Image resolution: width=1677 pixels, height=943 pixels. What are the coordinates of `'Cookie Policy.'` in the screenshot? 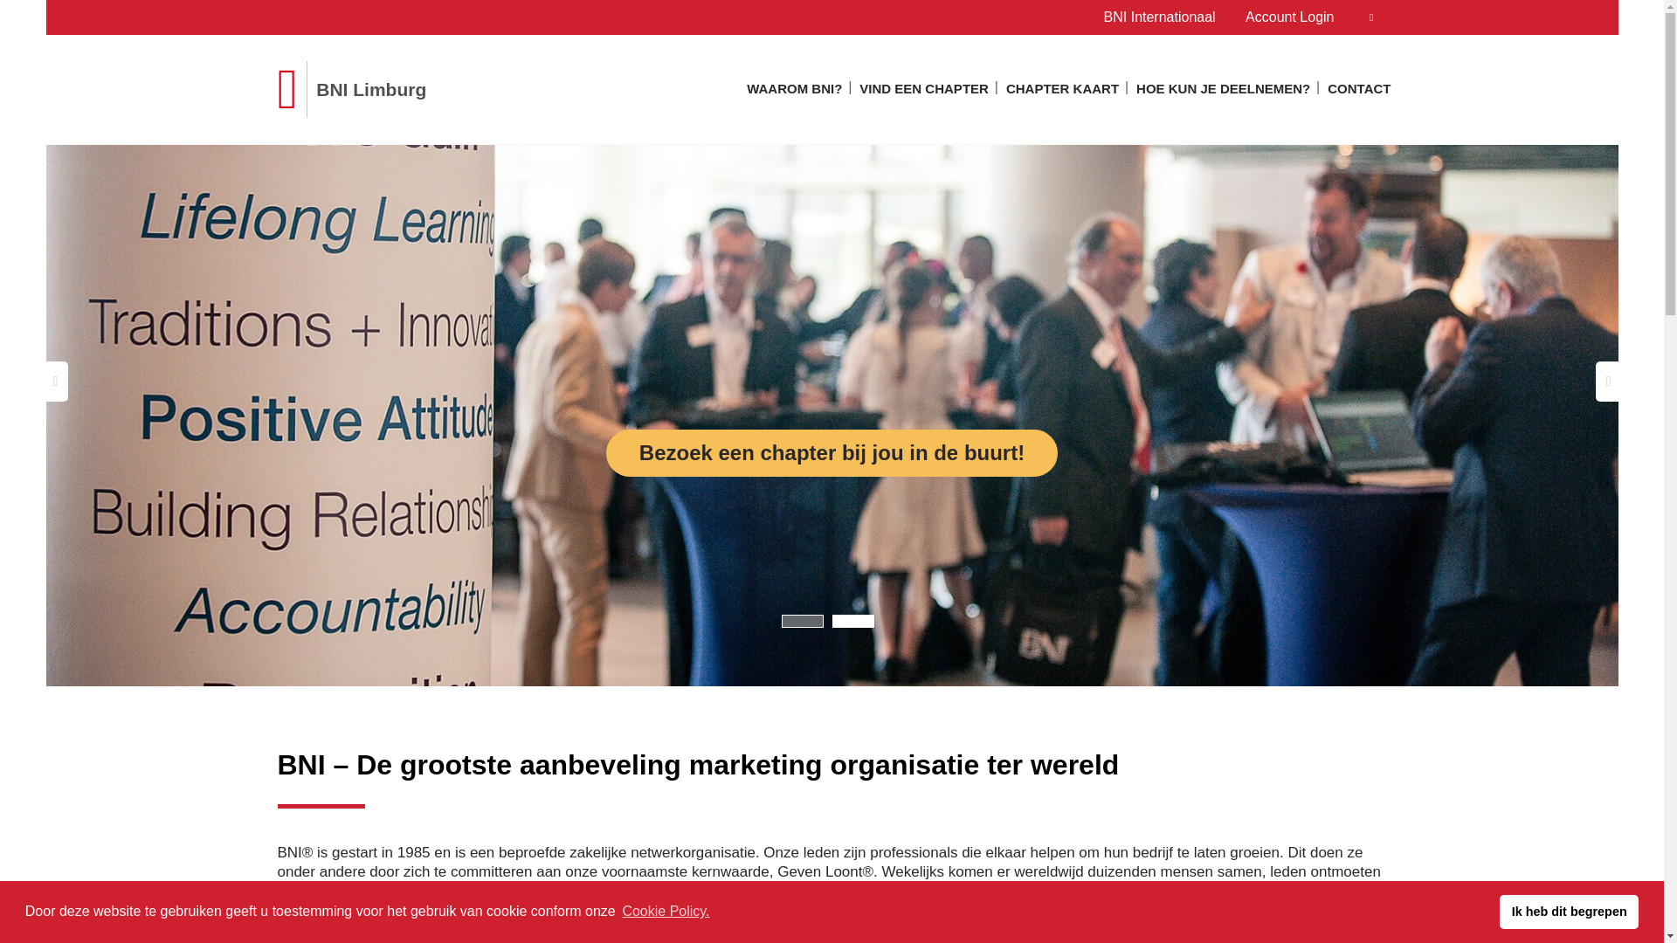 It's located at (619, 911).